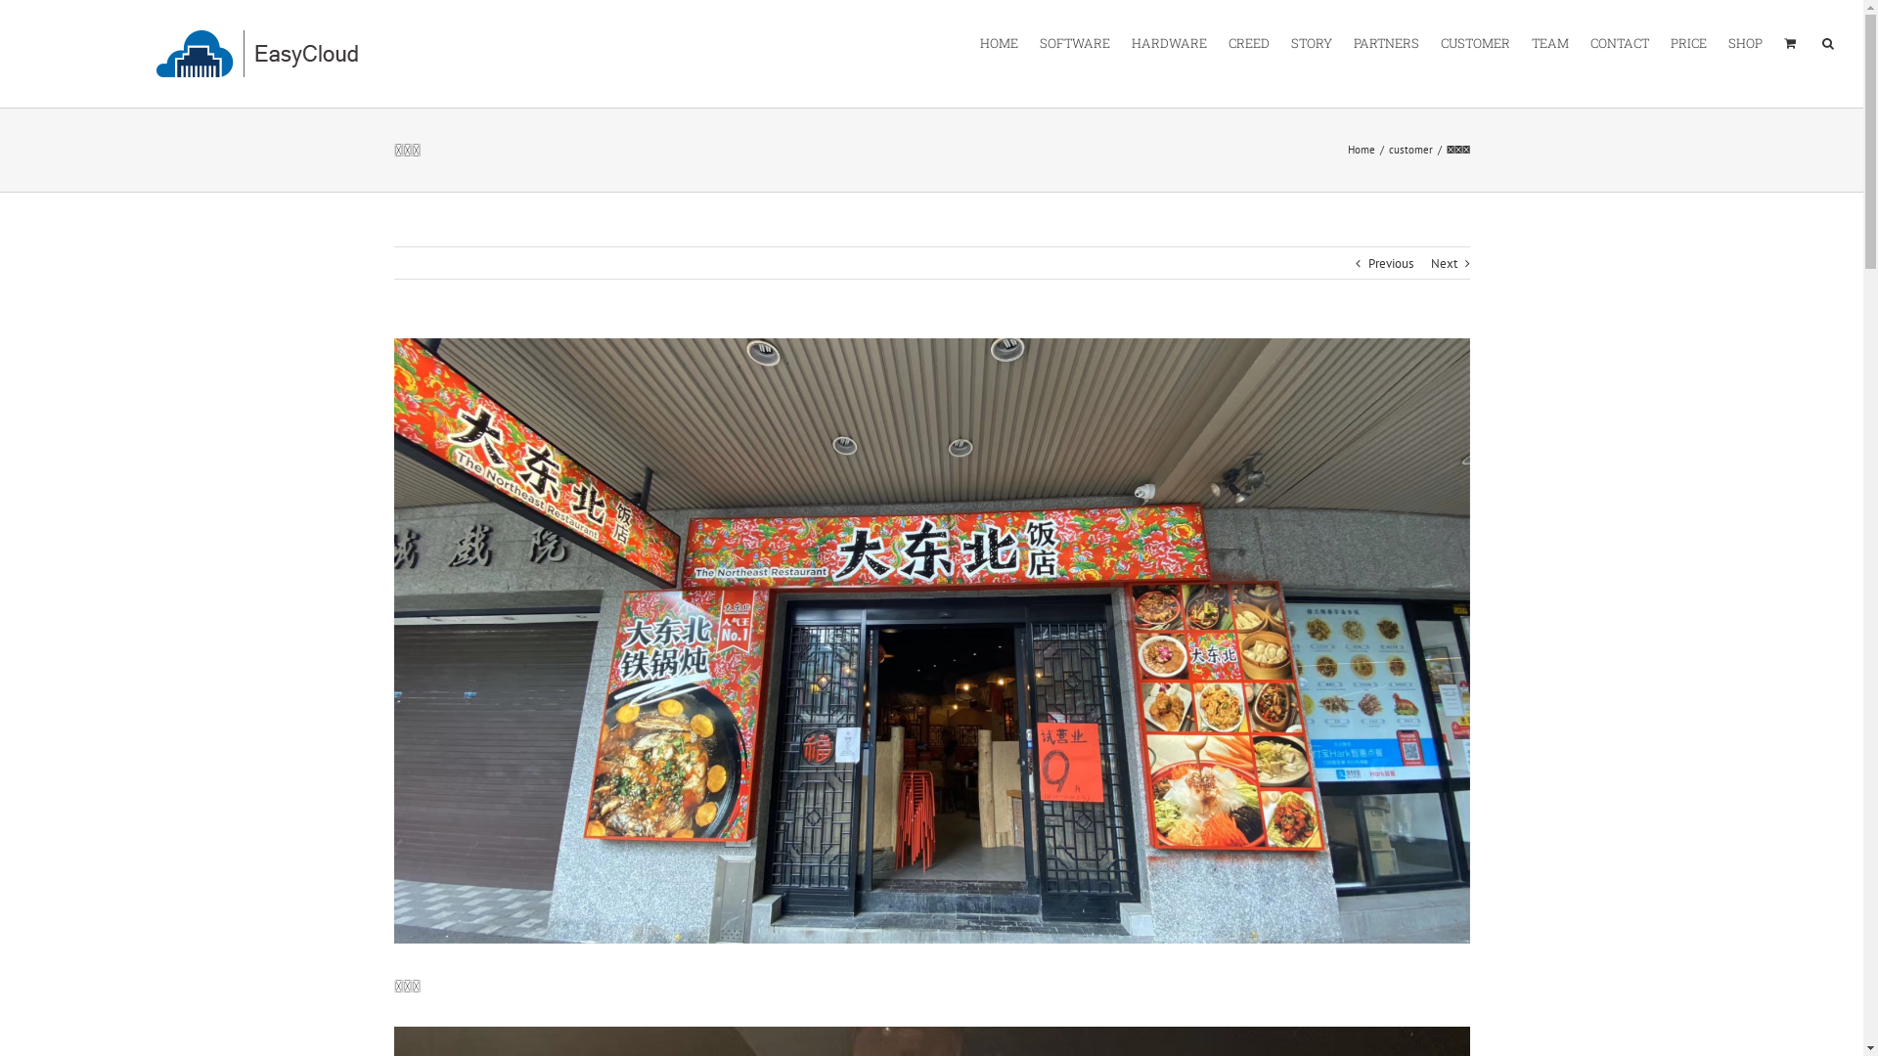 Image resolution: width=1878 pixels, height=1056 pixels. I want to click on 'Previous', so click(1388, 264).